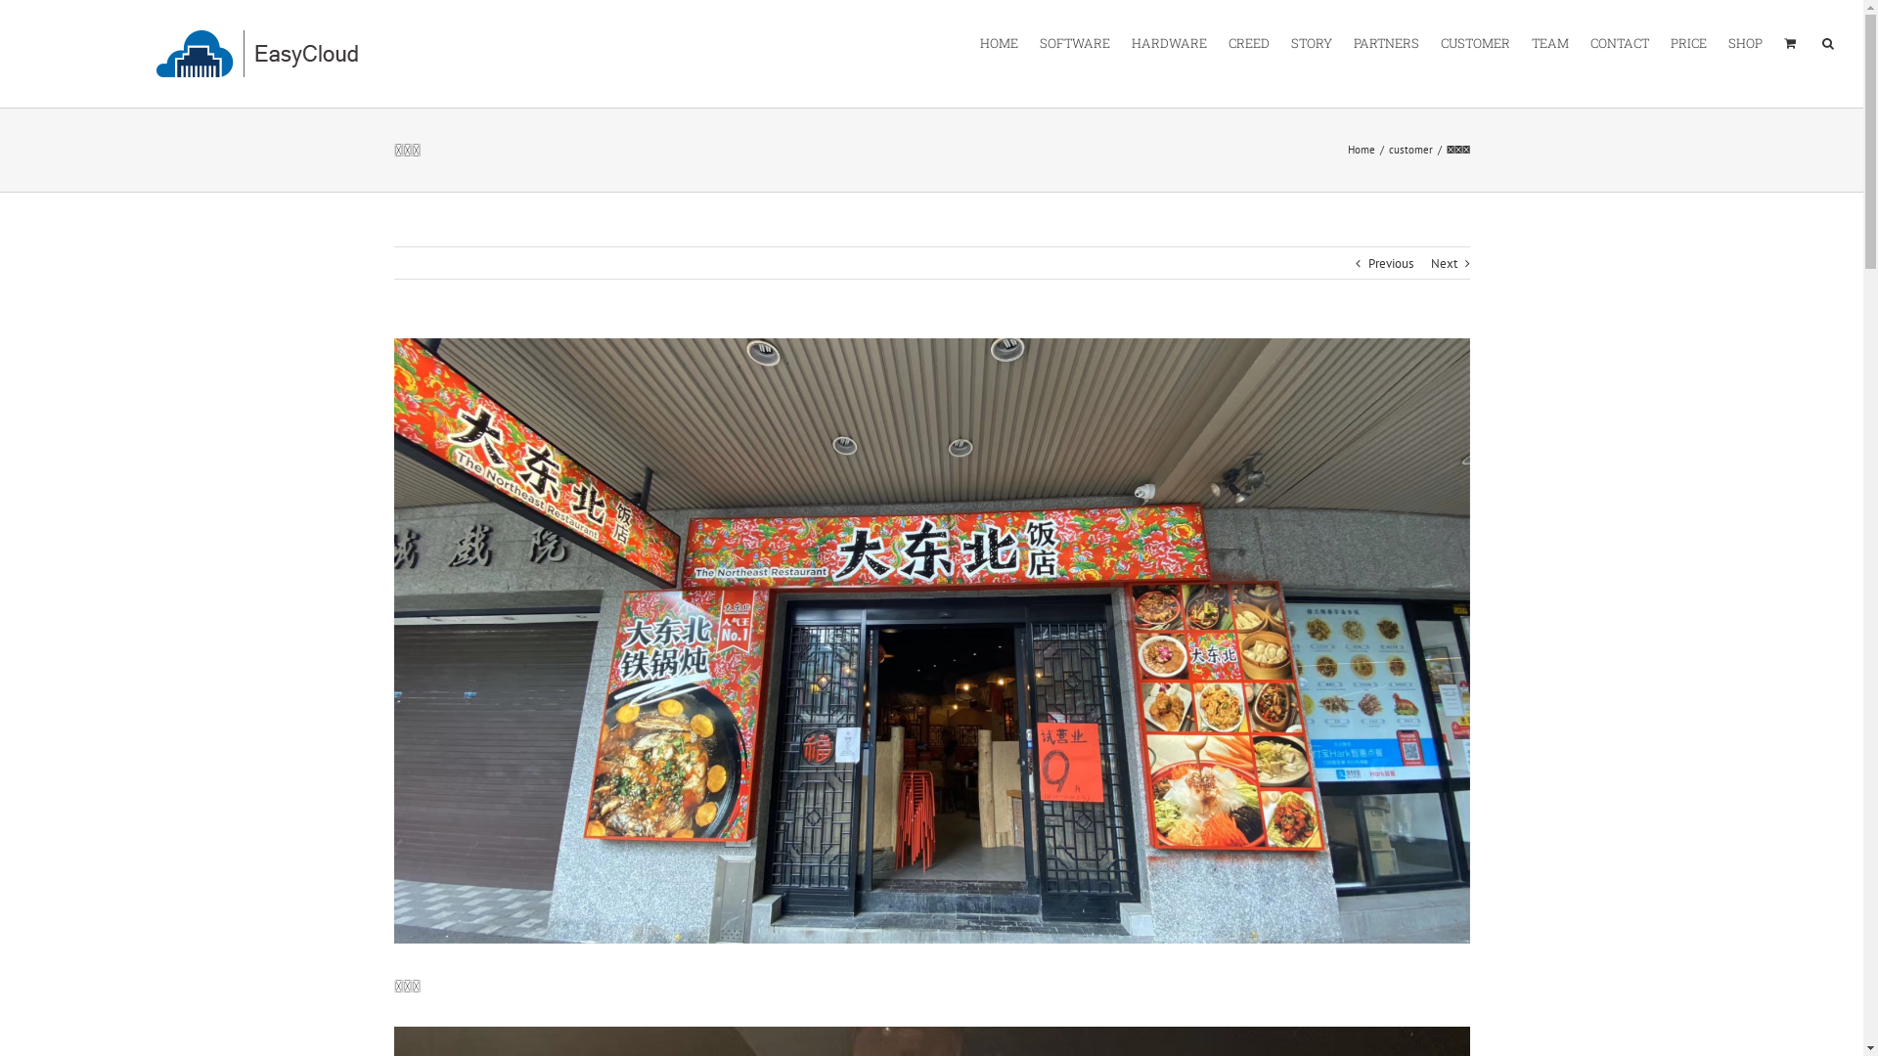 Image resolution: width=1878 pixels, height=1056 pixels. I want to click on 'Previous', so click(1388, 264).